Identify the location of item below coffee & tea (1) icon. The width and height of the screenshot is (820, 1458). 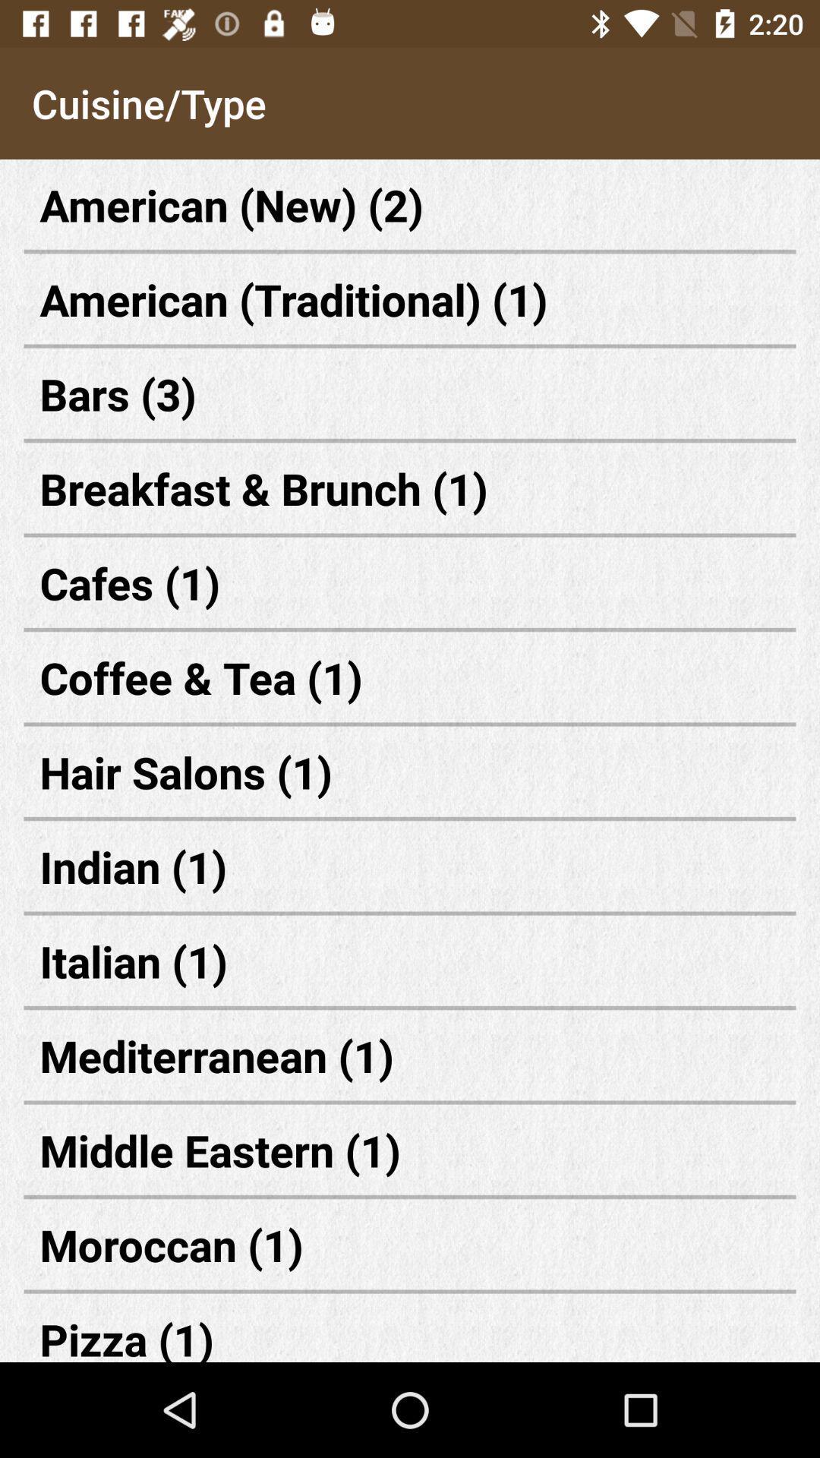
(410, 772).